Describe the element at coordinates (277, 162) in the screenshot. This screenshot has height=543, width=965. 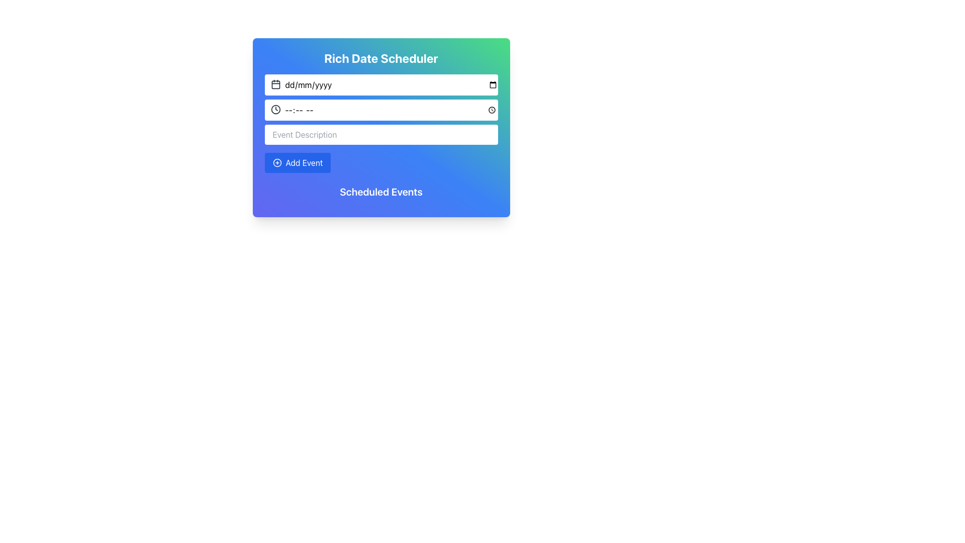
I see `the circular SVG shape that forms part of the 'Add Event' button, which is designed with a stroke and no fill, and is centrally placed within the button` at that location.